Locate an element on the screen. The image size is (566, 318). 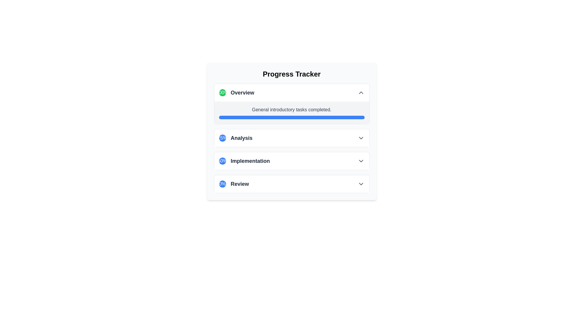
the bold, large 'Progress Tracker' text heading located at the top of the progress tracker UI component is located at coordinates (292, 74).